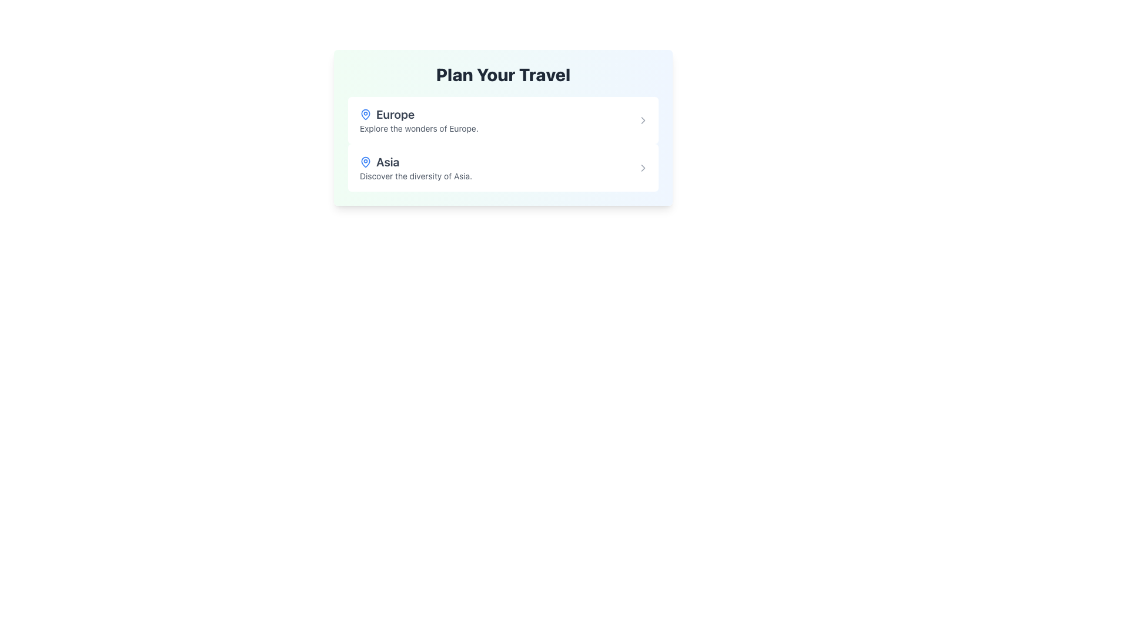  I want to click on the small right-pointing chevron arrow icon located to the right of the 'Europe' option, so click(643, 120).